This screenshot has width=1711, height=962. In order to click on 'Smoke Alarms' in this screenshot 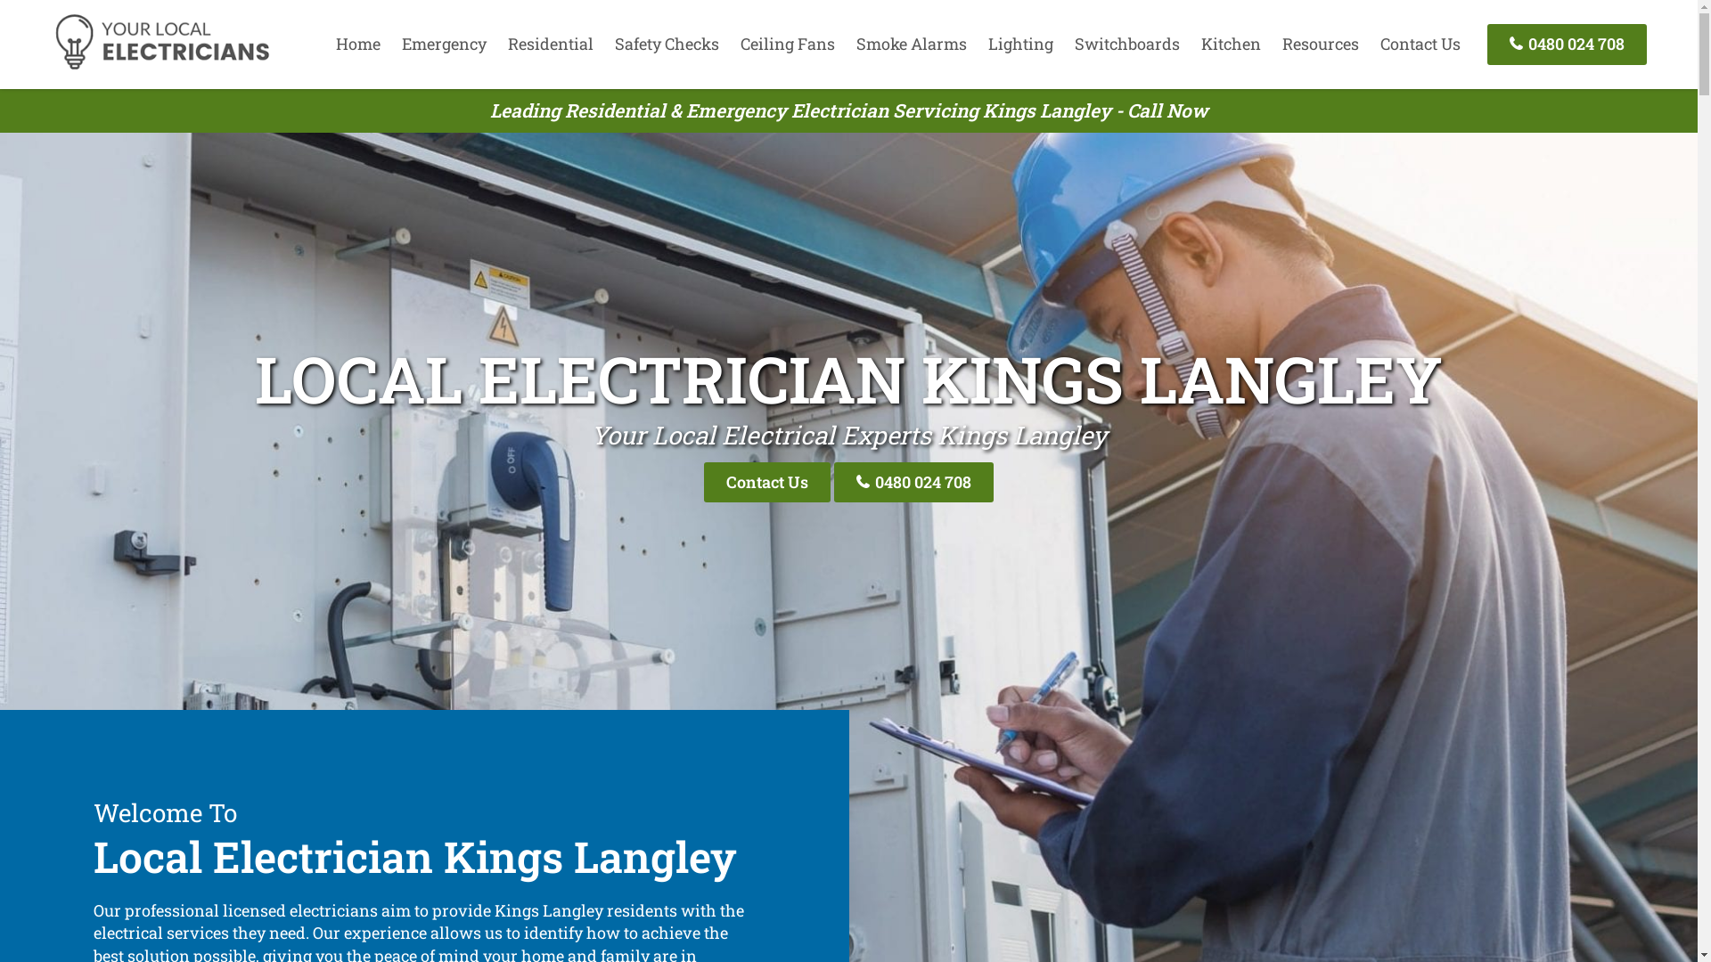, I will do `click(911, 43)`.